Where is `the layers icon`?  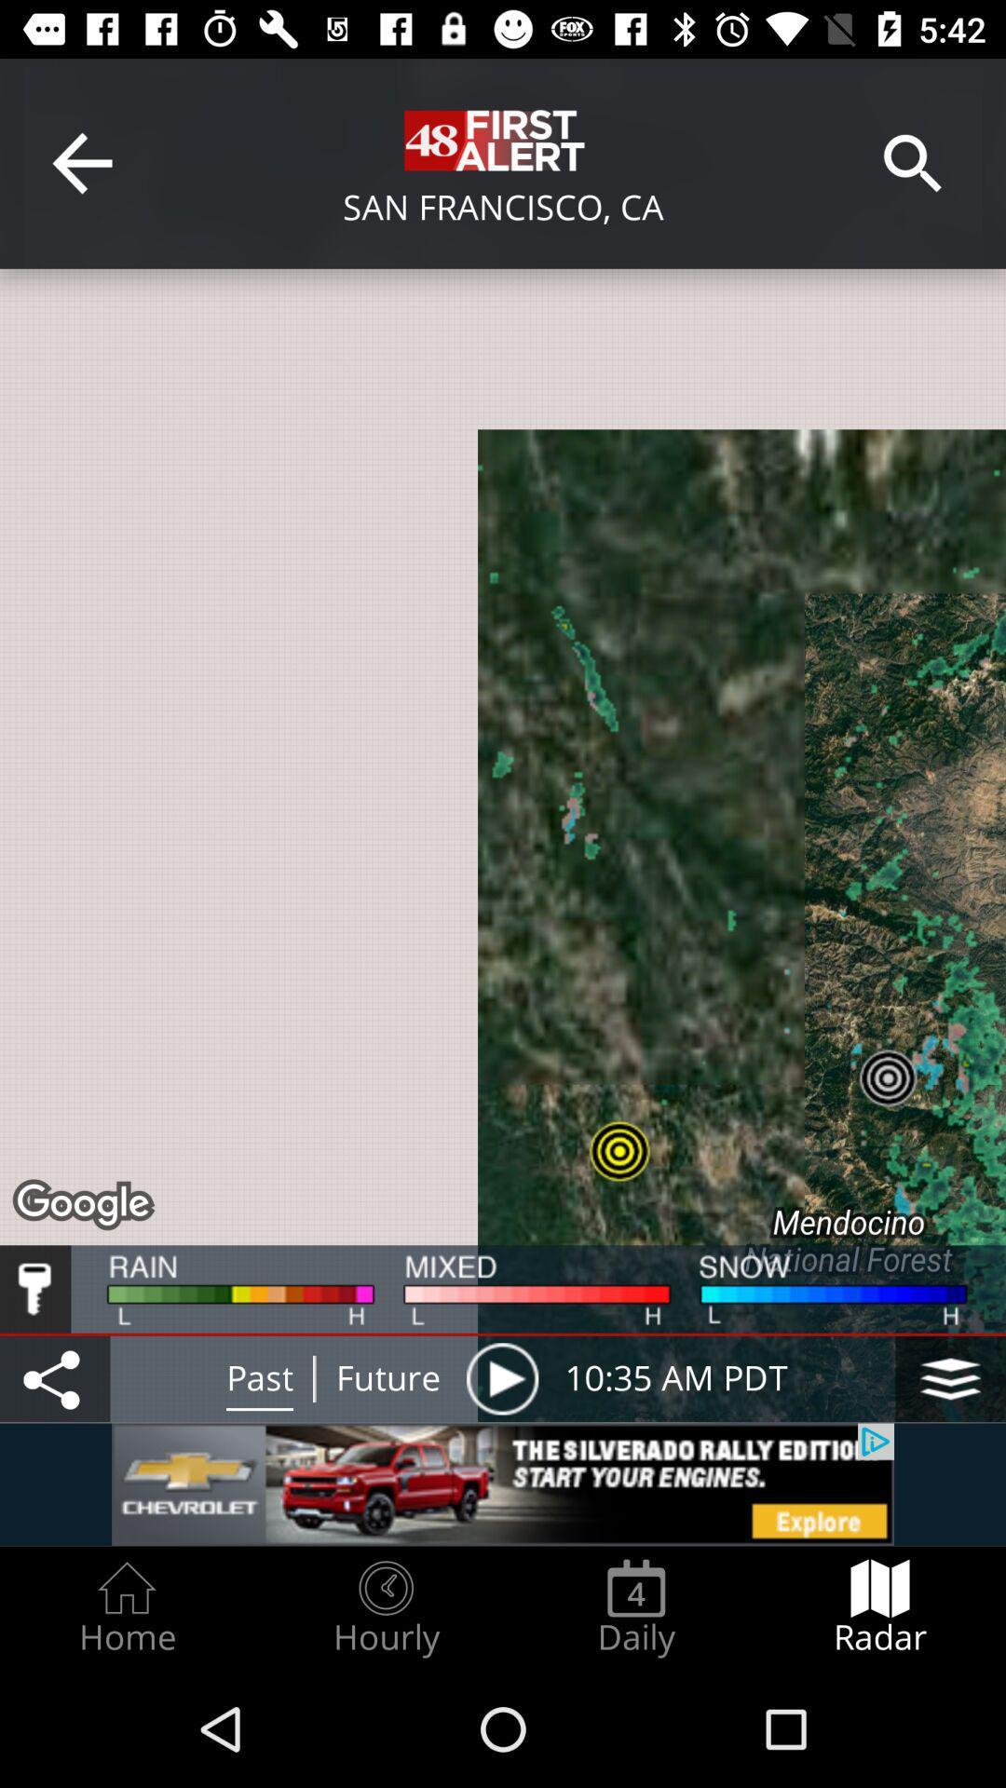 the layers icon is located at coordinates (950, 1378).